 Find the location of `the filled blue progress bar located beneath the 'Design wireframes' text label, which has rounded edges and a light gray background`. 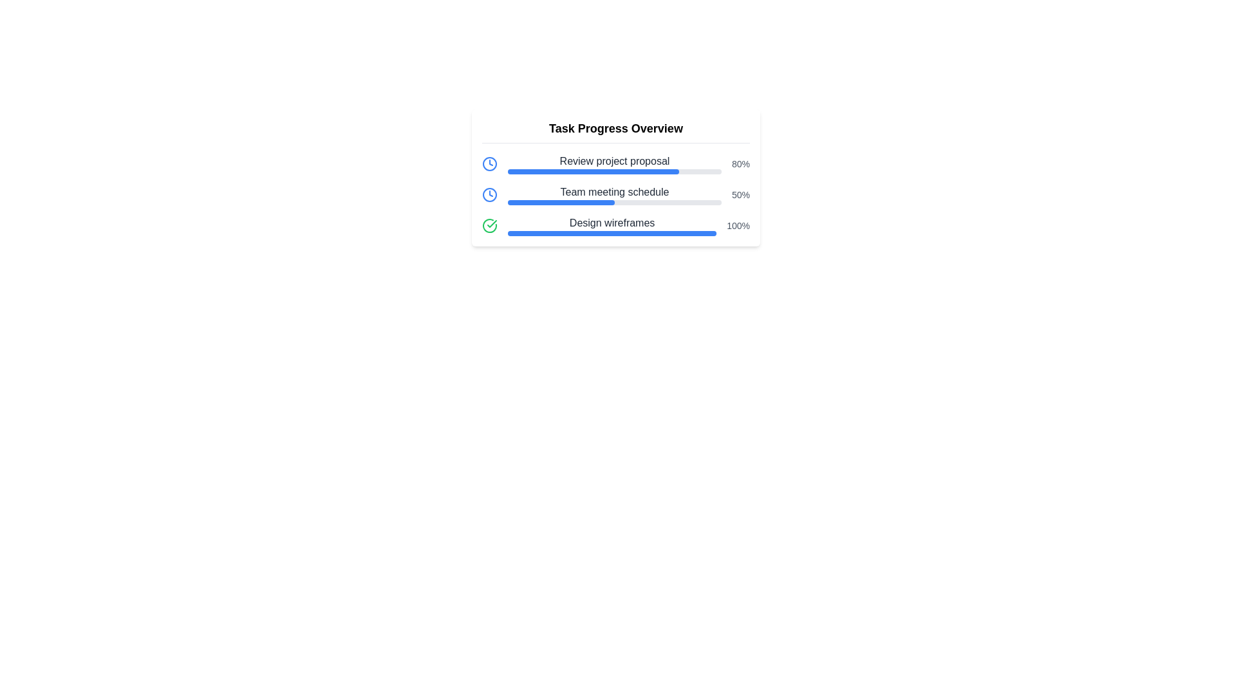

the filled blue progress bar located beneath the 'Design wireframes' text label, which has rounded edges and a light gray background is located at coordinates (612, 233).